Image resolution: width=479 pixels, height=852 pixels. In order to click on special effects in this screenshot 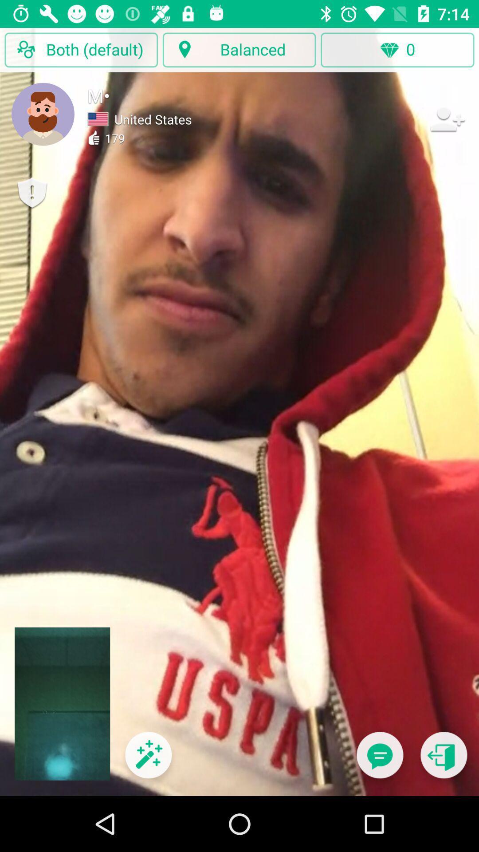, I will do `click(148, 760)`.